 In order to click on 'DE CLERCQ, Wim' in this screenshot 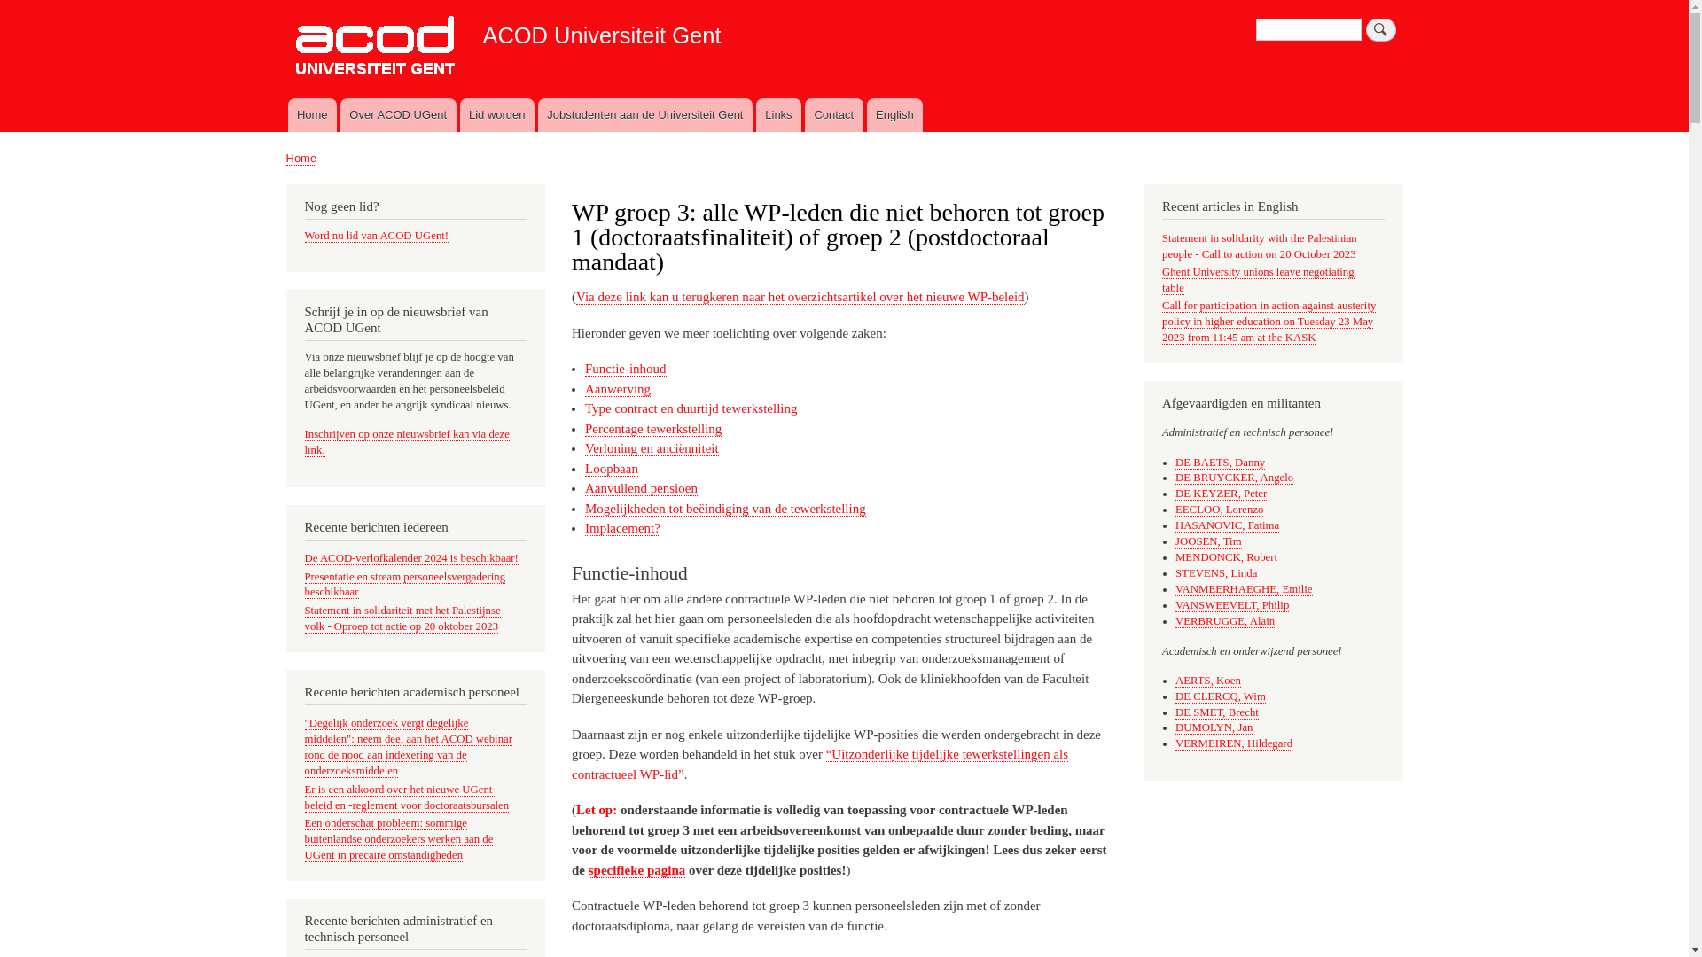, I will do `click(1220, 696)`.